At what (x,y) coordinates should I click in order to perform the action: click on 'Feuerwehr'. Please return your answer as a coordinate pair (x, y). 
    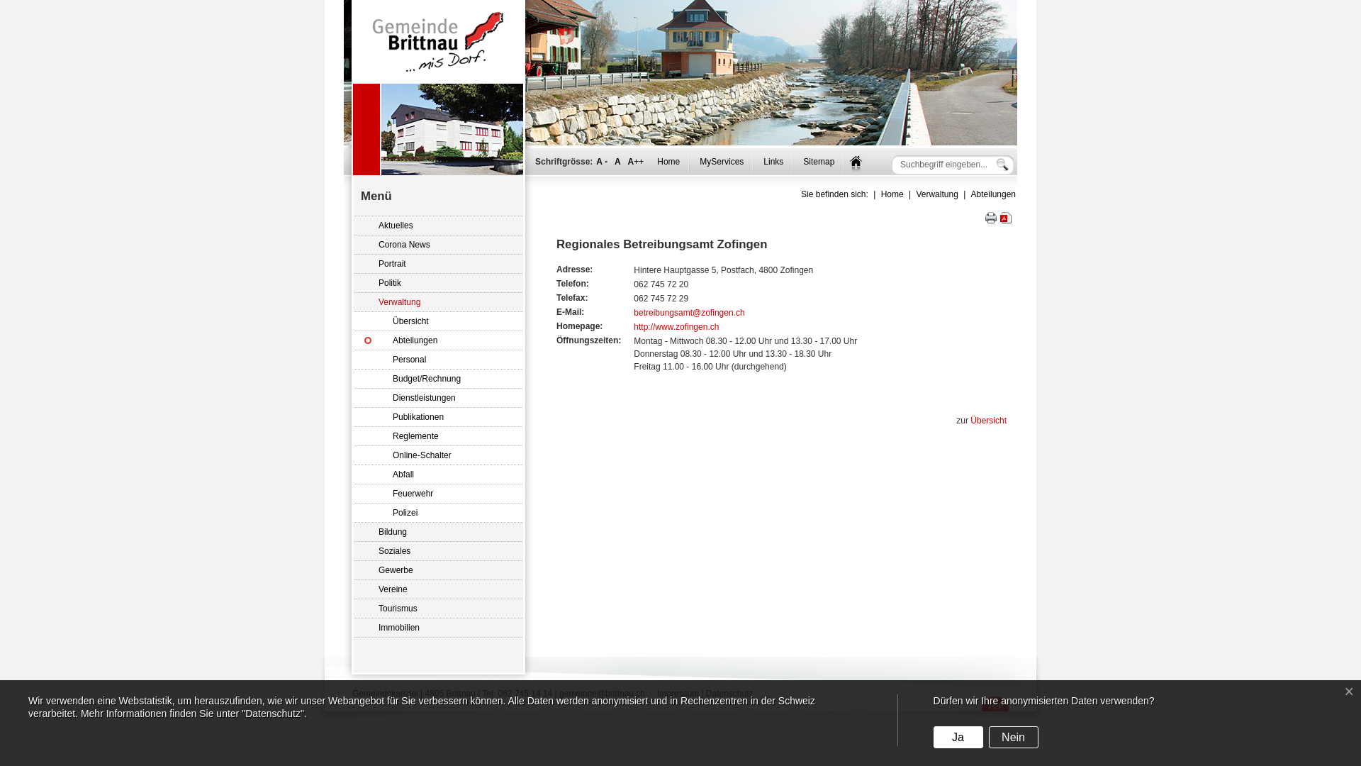
    Looking at the image, I should click on (437, 493).